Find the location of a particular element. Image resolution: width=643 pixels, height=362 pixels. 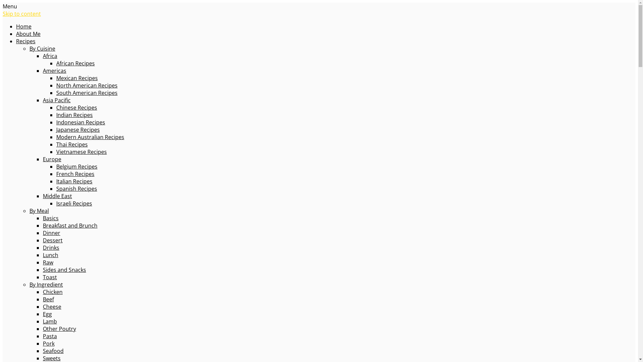

'Dinner' is located at coordinates (51, 232).